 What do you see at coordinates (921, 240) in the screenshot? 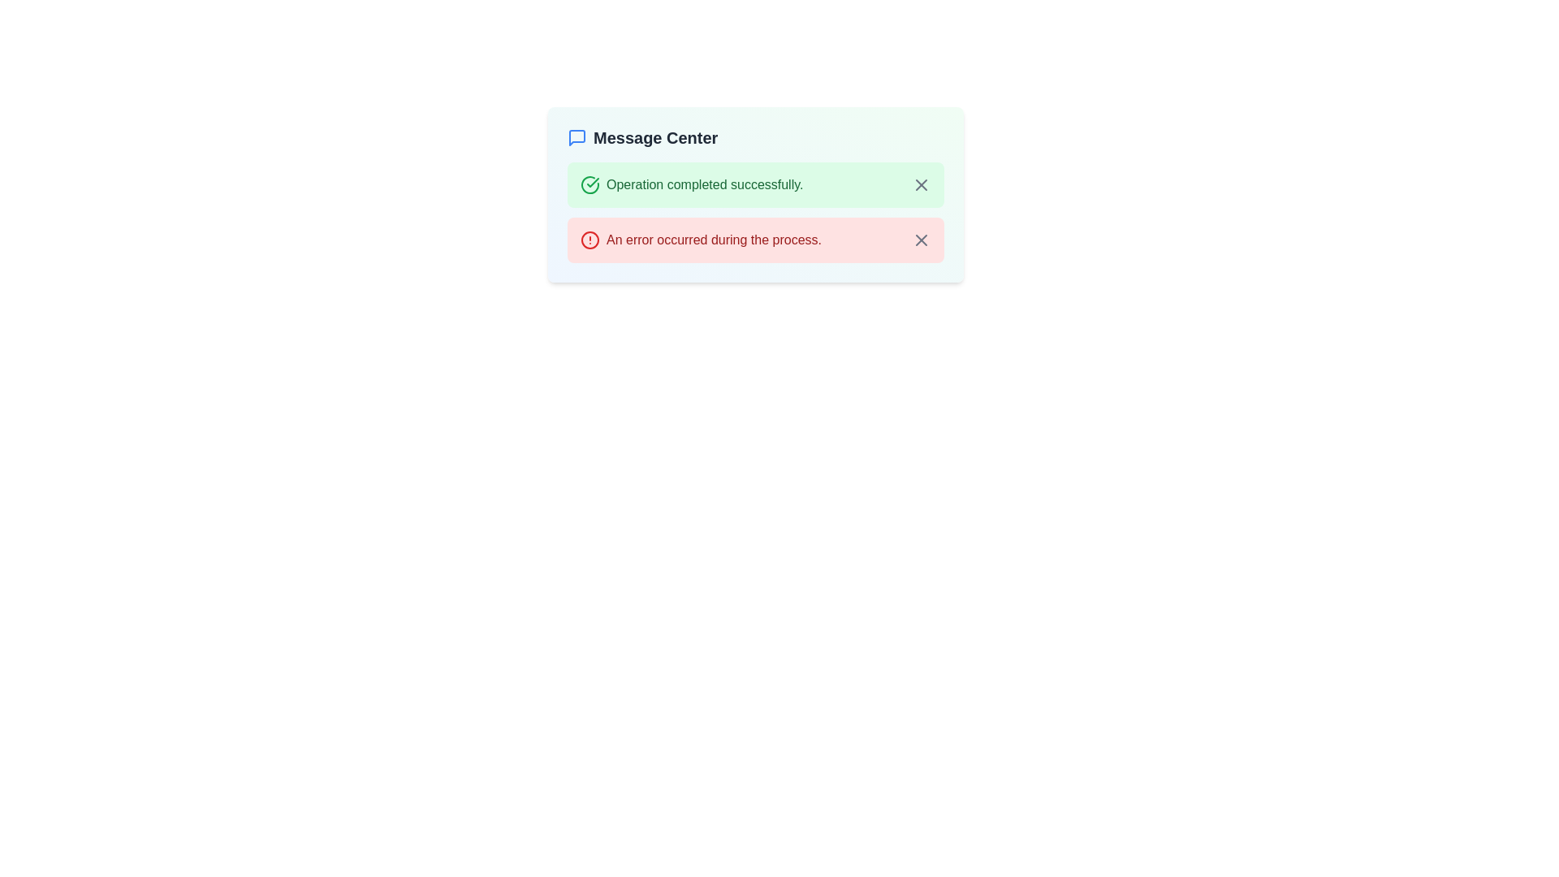
I see `the Close button icon located to the far right of the error message indicating 'An error occurred during the process'` at bounding box center [921, 240].